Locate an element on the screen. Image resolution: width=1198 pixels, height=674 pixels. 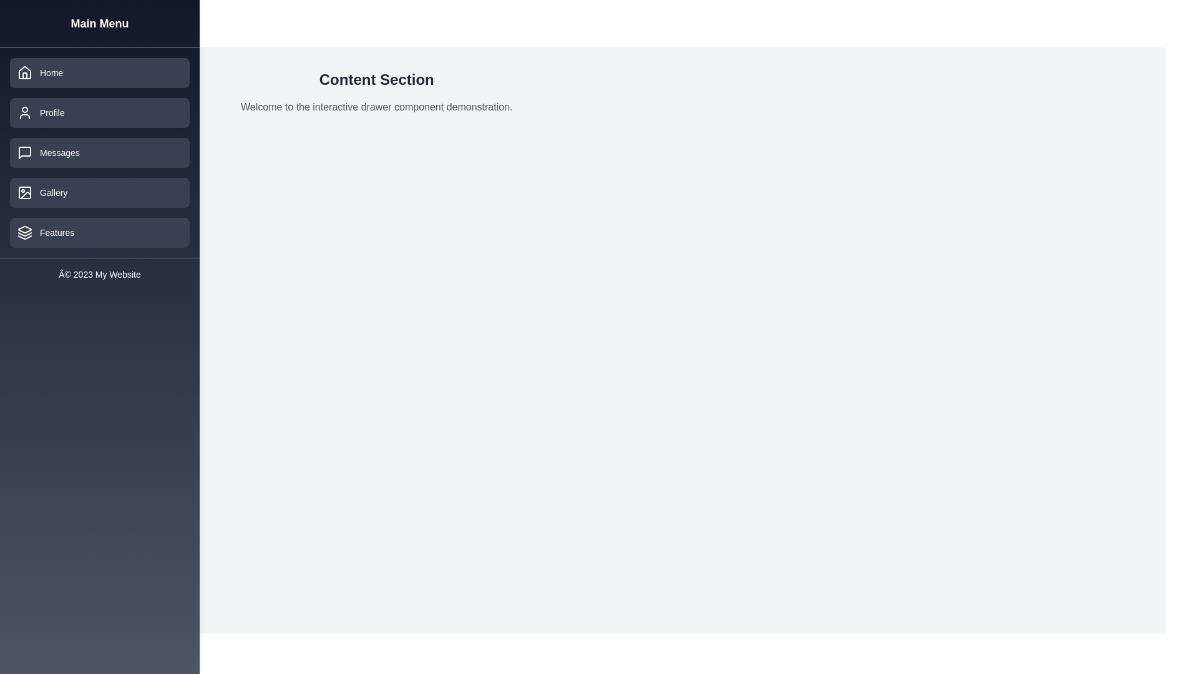
the small rectangular shape with rounded corners within the SVG icon of the Gallery menu item in the sidebar is located at coordinates (24, 192).